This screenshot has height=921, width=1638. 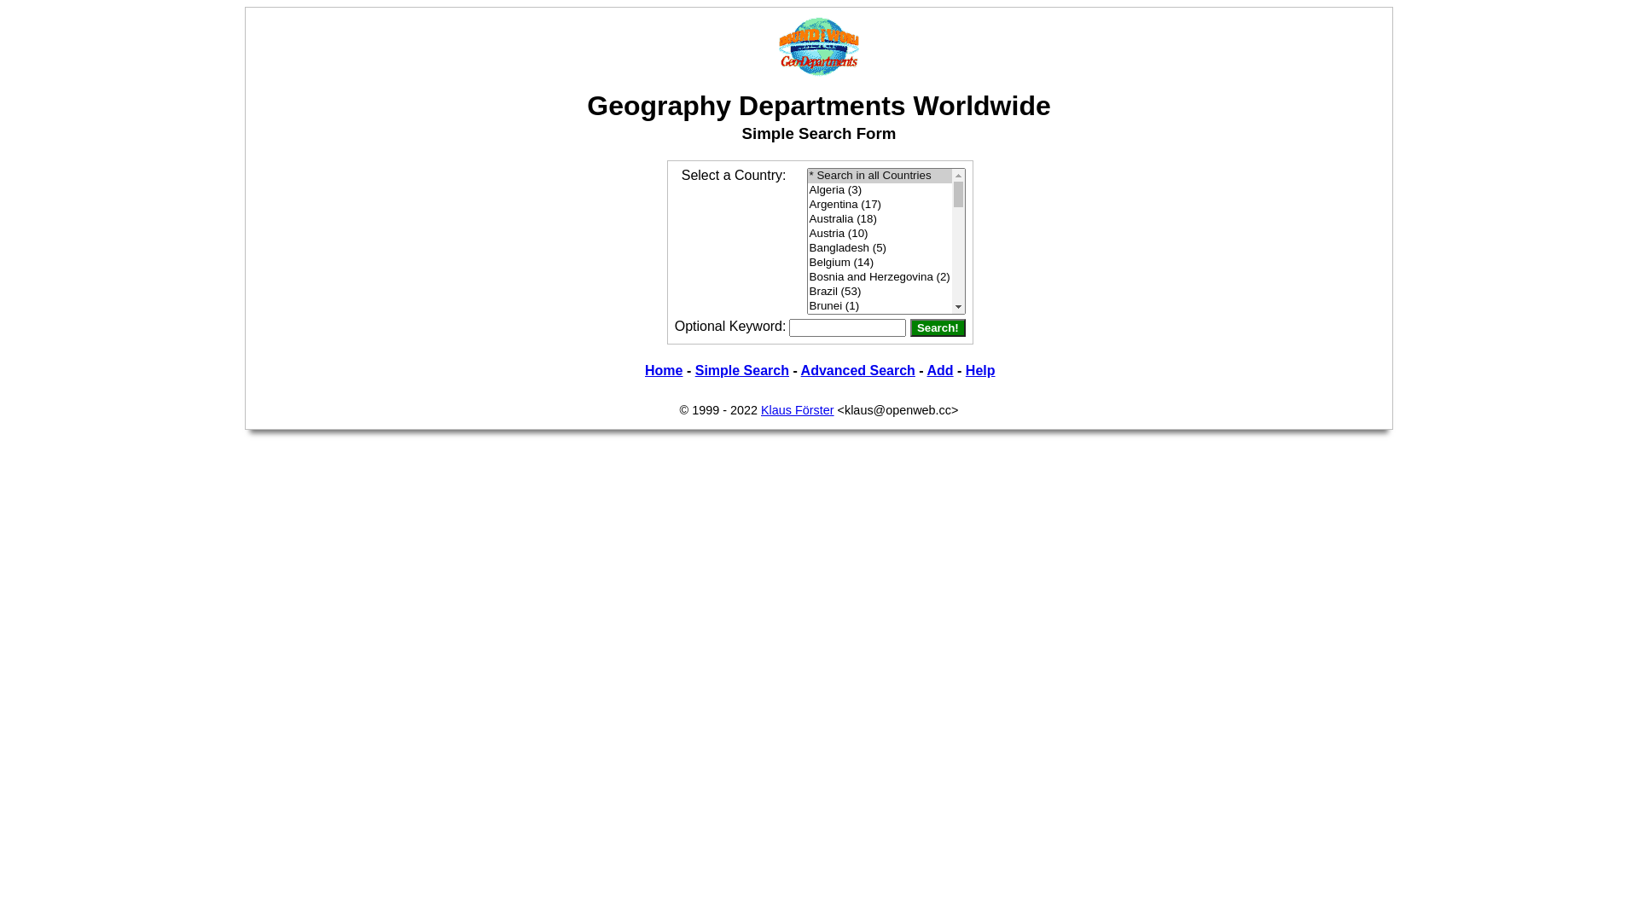 What do you see at coordinates (980, 369) in the screenshot?
I see `'Help'` at bounding box center [980, 369].